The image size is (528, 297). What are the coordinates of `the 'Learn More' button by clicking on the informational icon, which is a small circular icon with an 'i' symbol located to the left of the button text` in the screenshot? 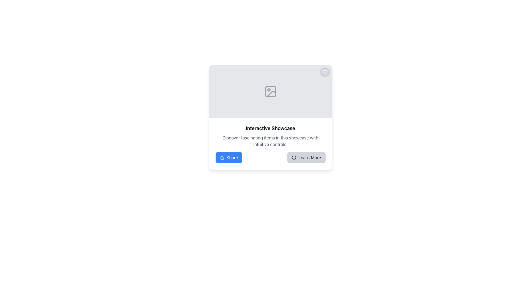 It's located at (294, 158).